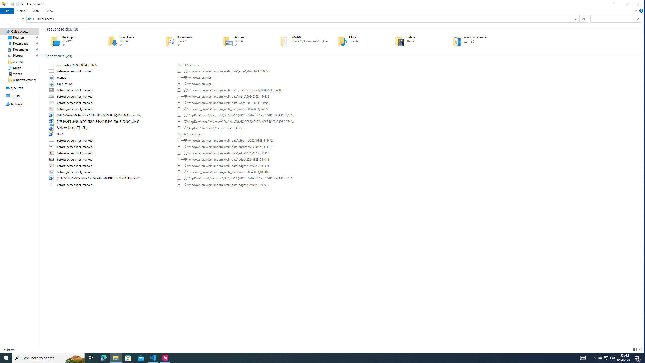  Describe the element at coordinates (638, 4) in the screenshot. I see `'Close'` at that location.